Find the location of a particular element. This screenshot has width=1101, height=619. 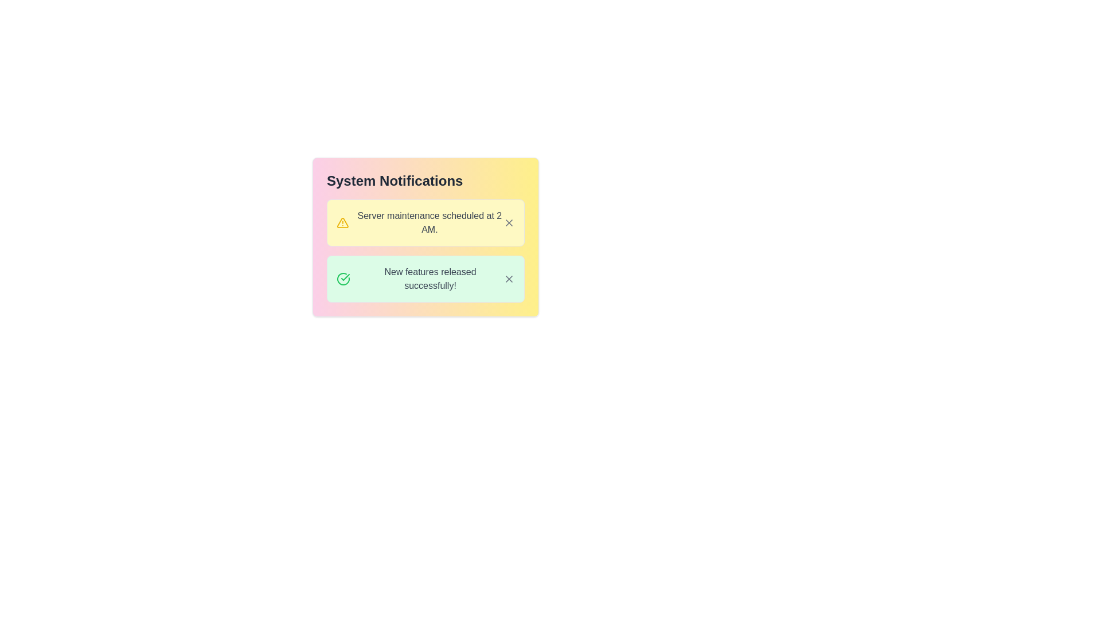

the text label displaying 'System Notifications', which is prominently styled in large, bold font with dark gray color at the top of the notification panel is located at coordinates (395, 181).